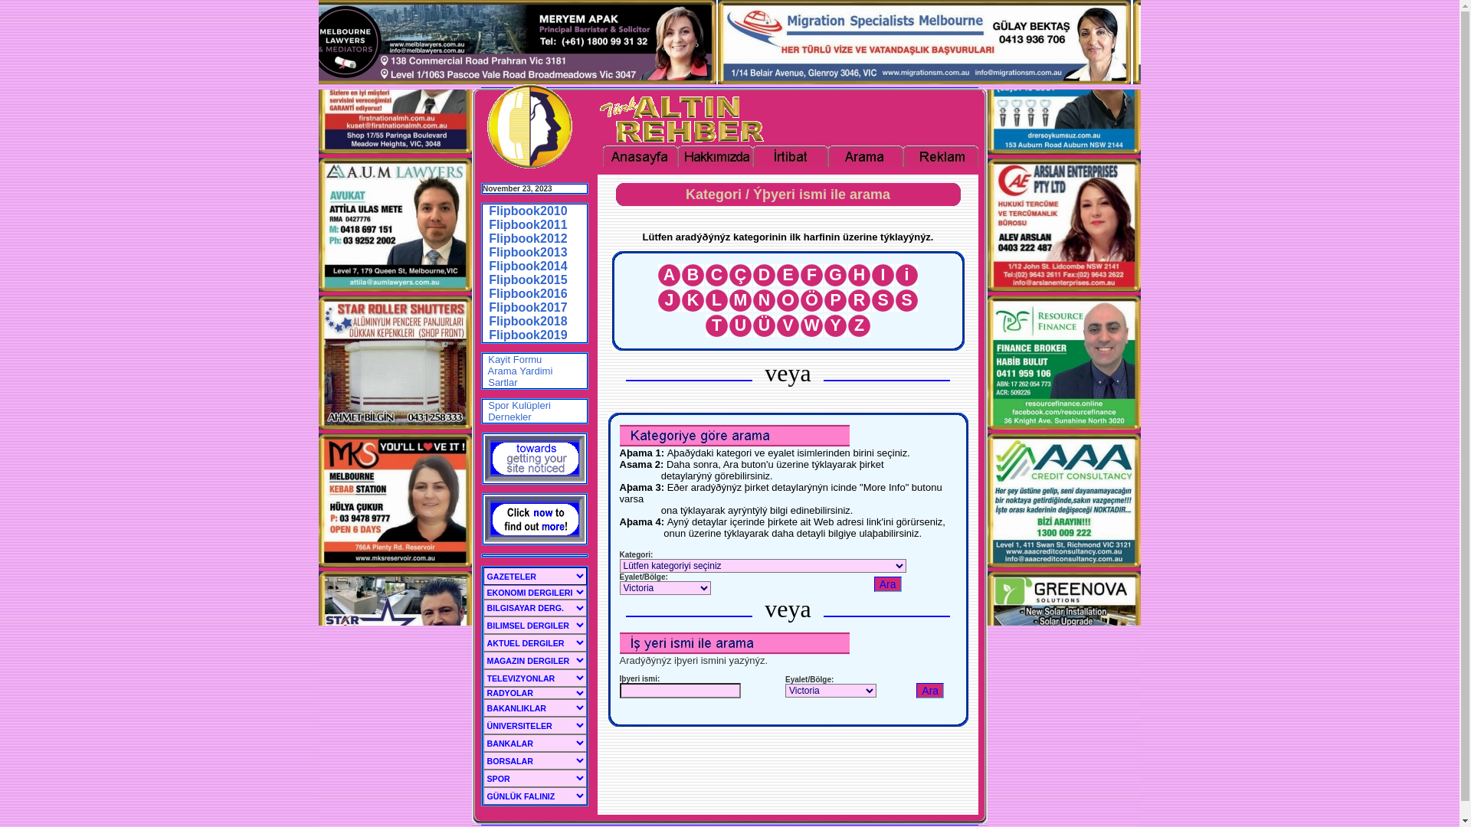 Image resolution: width=1471 pixels, height=827 pixels. Describe the element at coordinates (500, 381) in the screenshot. I see `'  Sartlar'` at that location.